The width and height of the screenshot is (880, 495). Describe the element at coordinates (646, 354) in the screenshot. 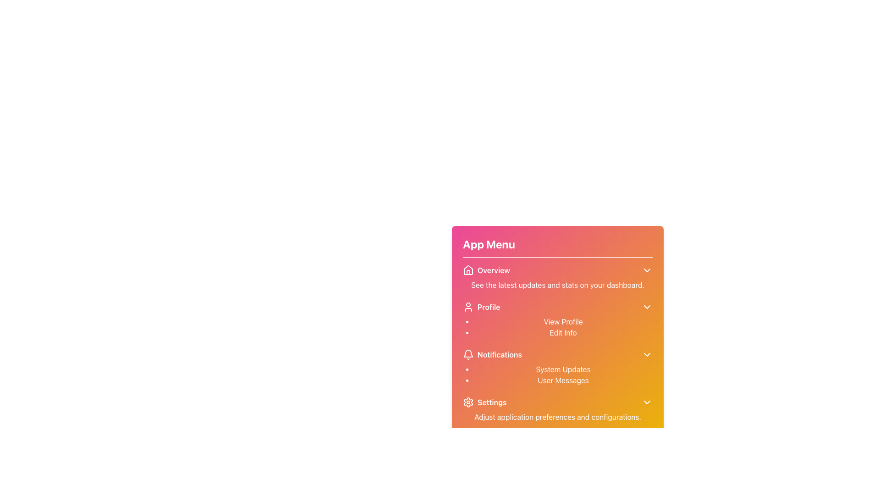

I see `the Dropdown toggle icon on the rightmost position of the 'Notifications' row to indicate that the section can be expanded or collapsed` at that location.